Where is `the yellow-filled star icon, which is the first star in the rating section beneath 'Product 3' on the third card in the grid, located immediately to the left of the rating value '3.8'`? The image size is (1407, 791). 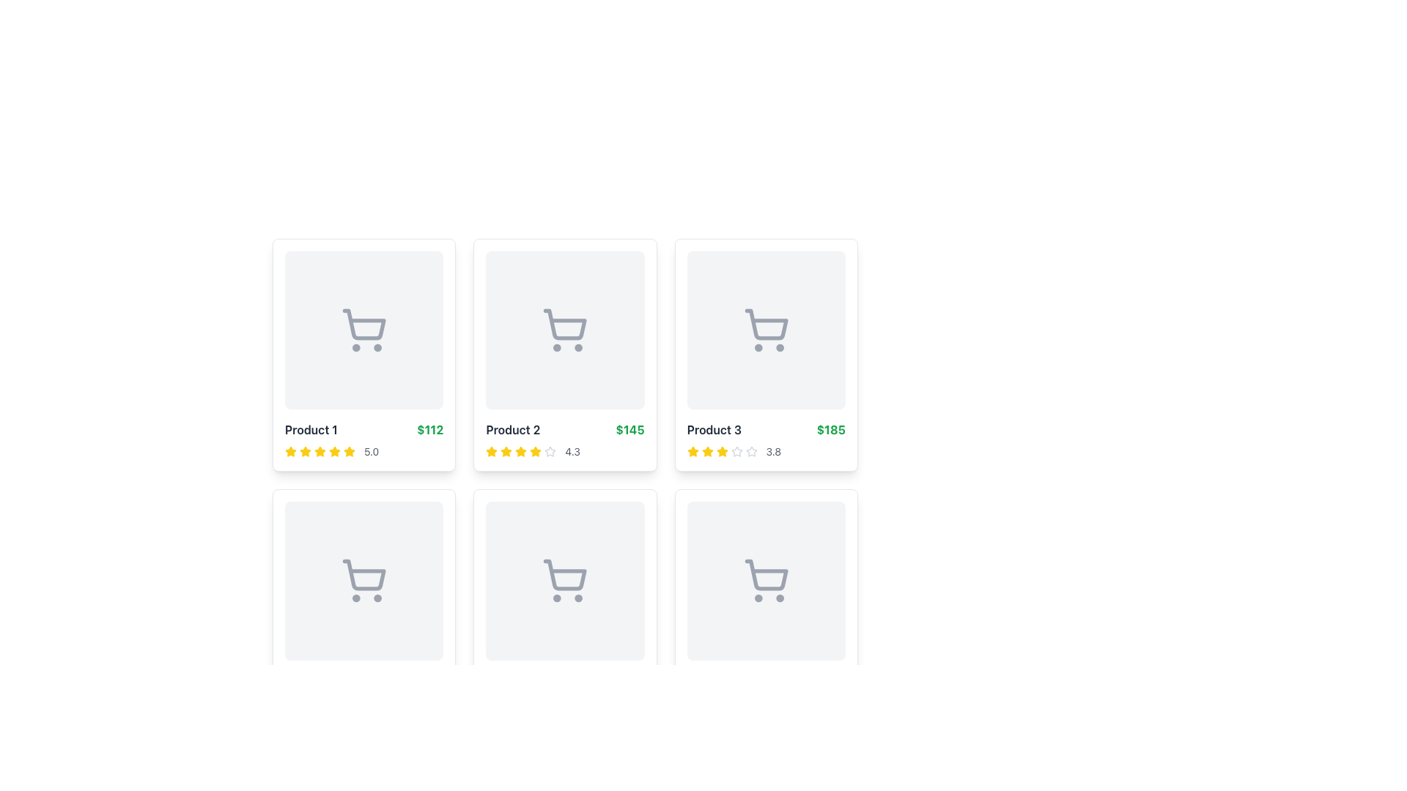 the yellow-filled star icon, which is the first star in the rating section beneath 'Product 3' on the third card in the grid, located immediately to the left of the rating value '3.8' is located at coordinates (692, 451).